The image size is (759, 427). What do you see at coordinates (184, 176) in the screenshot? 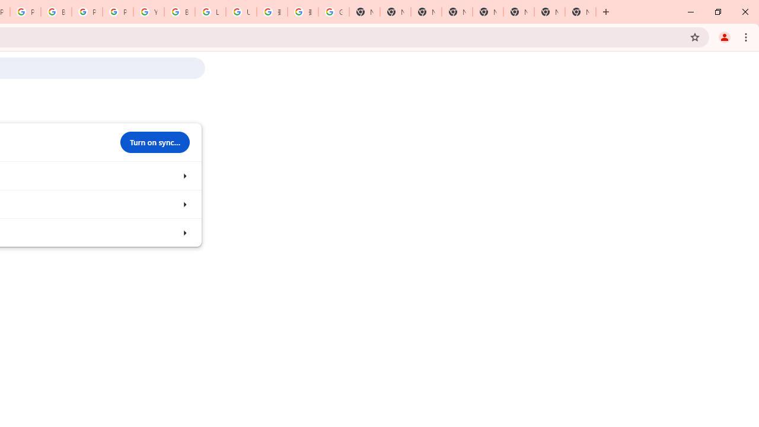
I see `'Sync and Google services'` at bounding box center [184, 176].